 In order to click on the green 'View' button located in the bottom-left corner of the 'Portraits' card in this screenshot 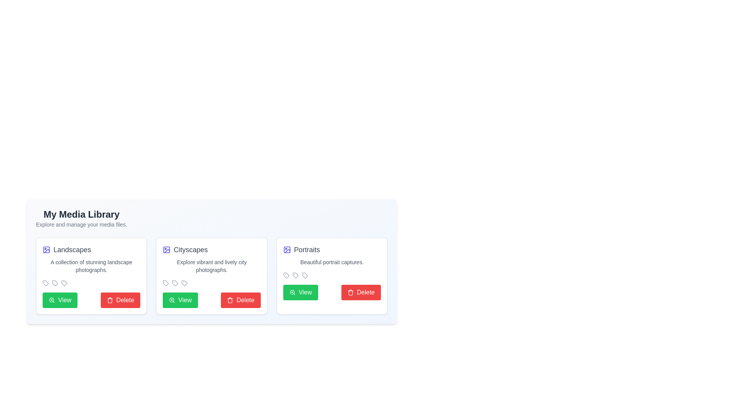, I will do `click(300, 292)`.